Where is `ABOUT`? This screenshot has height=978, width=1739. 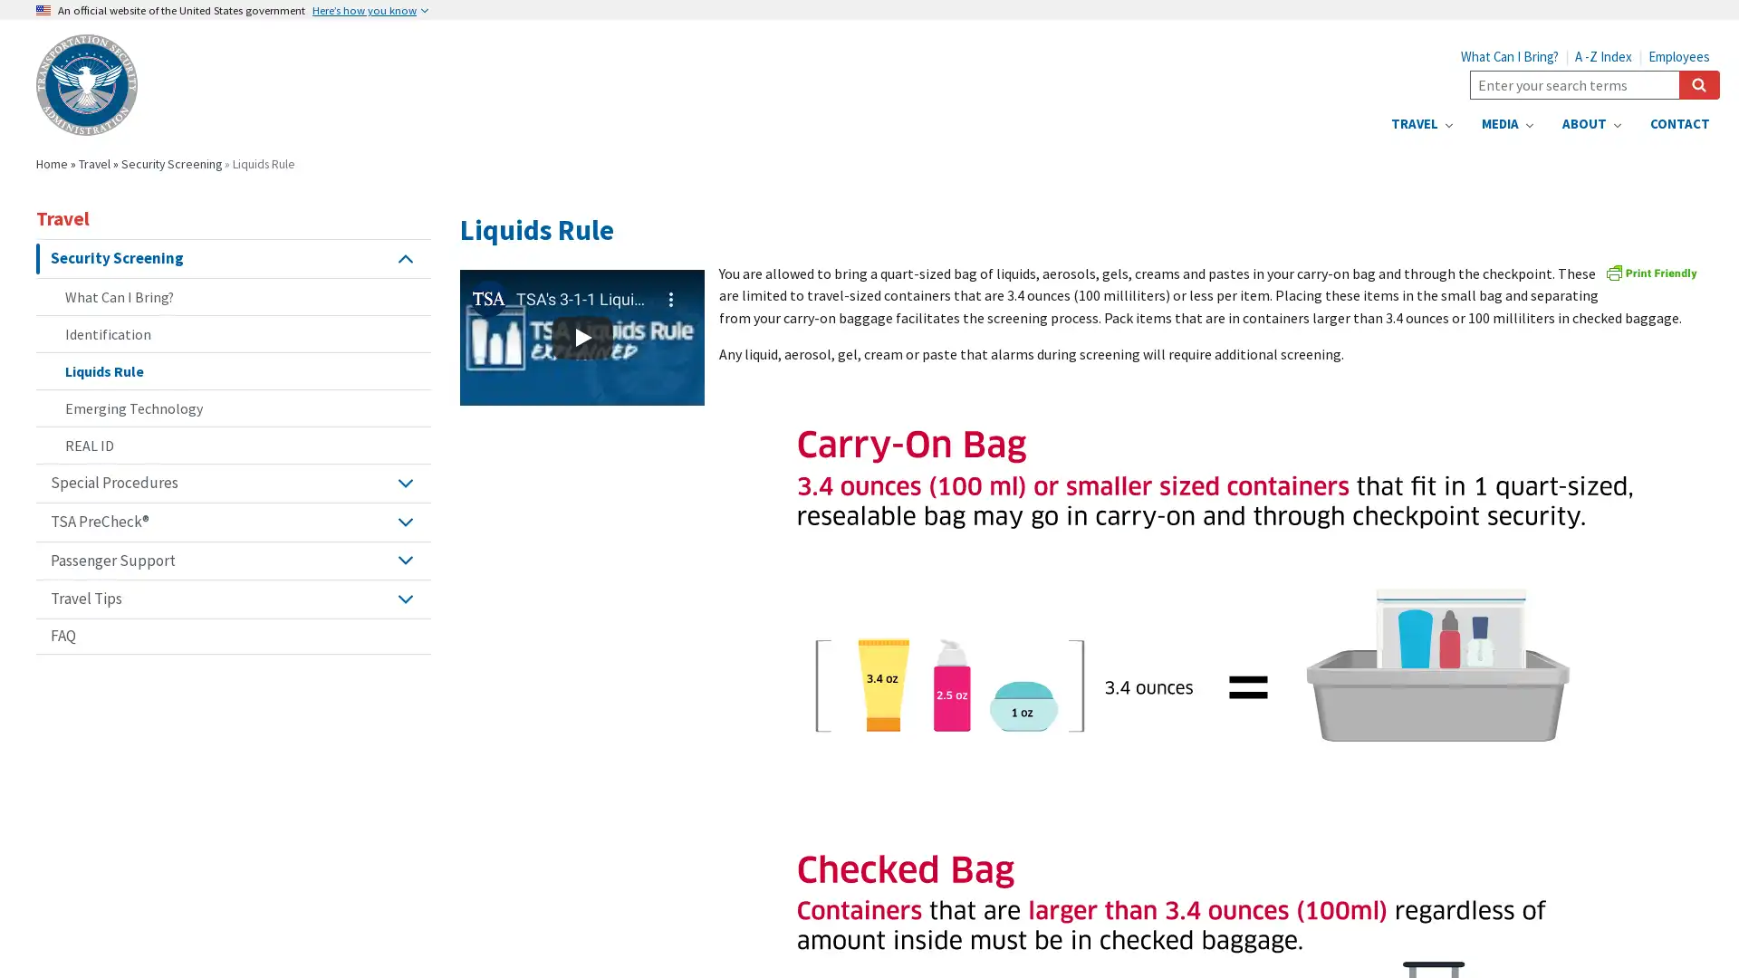
ABOUT is located at coordinates (1590, 123).